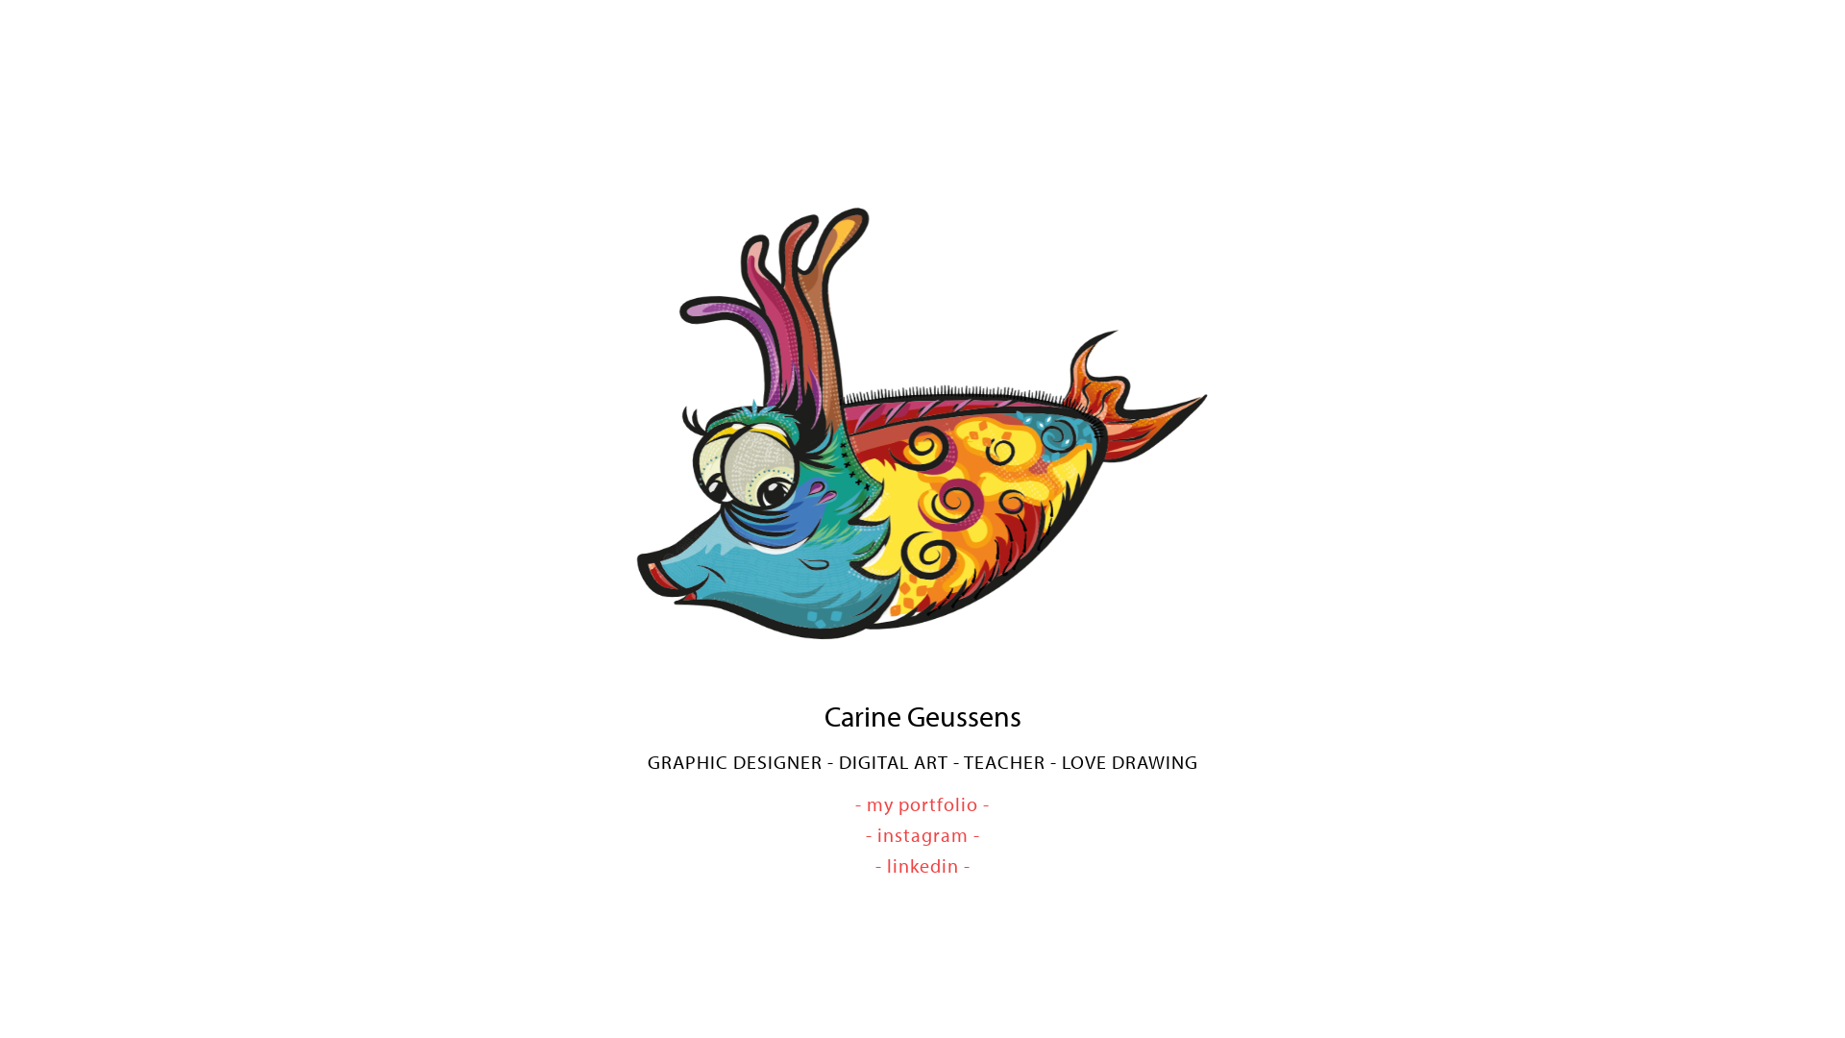 This screenshot has height=1038, width=1845. What do you see at coordinates (921, 833) in the screenshot?
I see `'- instagram -'` at bounding box center [921, 833].